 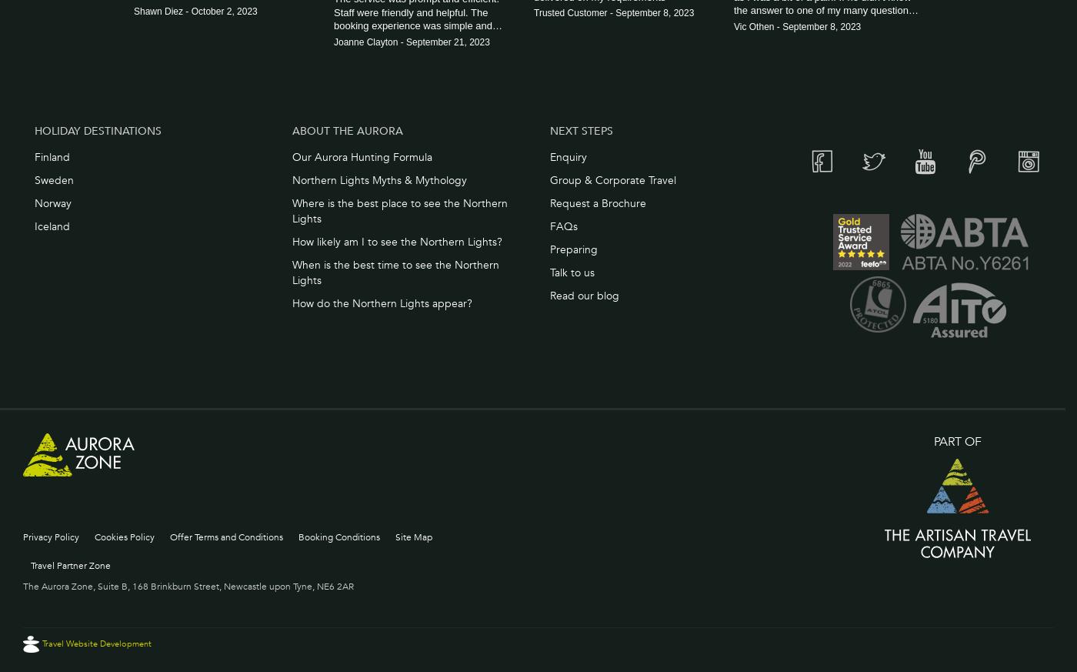 I want to click on 'Offer Terms and Conditions', so click(x=226, y=536).